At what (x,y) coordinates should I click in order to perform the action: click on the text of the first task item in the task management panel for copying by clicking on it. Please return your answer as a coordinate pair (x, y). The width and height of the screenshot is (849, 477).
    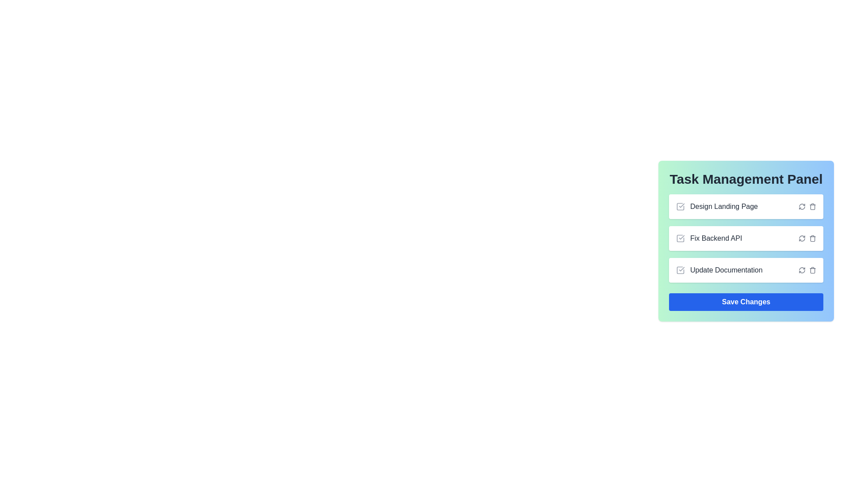
    Looking at the image, I should click on (717, 206).